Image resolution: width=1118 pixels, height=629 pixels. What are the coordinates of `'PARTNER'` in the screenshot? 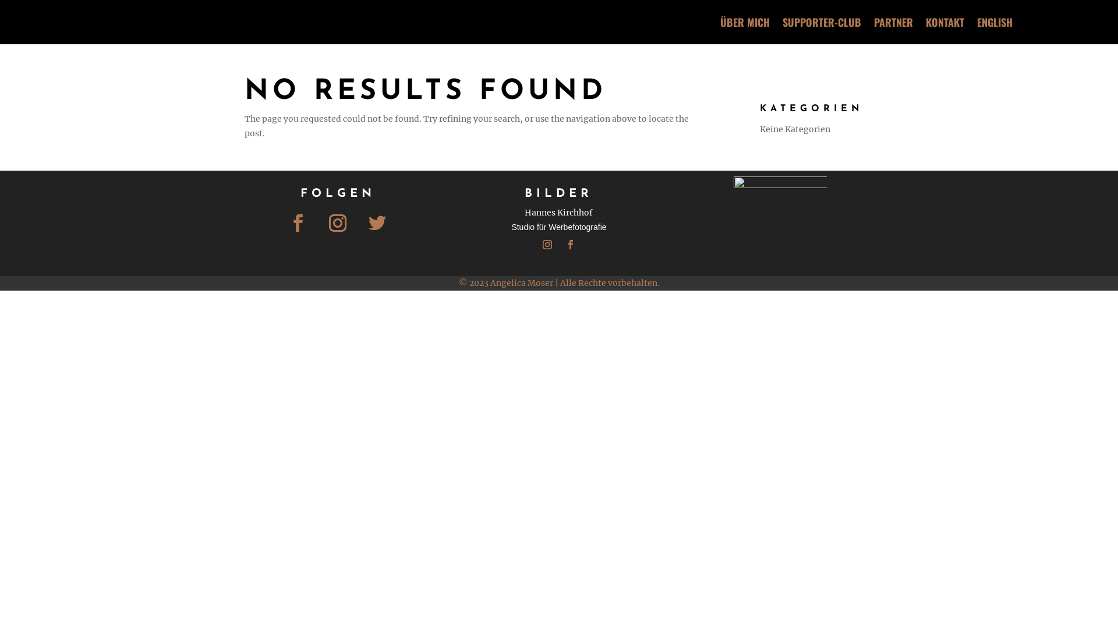 It's located at (893, 22).